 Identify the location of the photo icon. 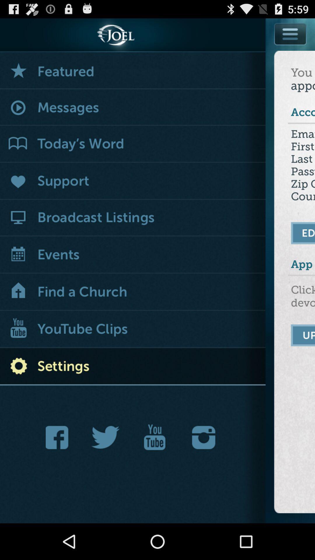
(203, 468).